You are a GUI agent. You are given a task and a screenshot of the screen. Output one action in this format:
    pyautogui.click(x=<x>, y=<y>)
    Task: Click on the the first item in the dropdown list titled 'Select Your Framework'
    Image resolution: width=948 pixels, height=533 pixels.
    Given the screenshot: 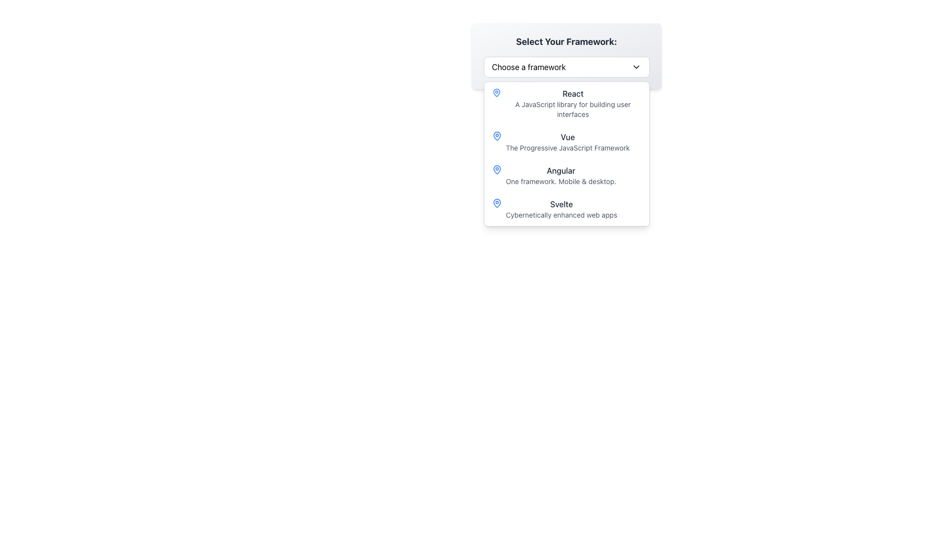 What is the action you would take?
    pyautogui.click(x=566, y=103)
    